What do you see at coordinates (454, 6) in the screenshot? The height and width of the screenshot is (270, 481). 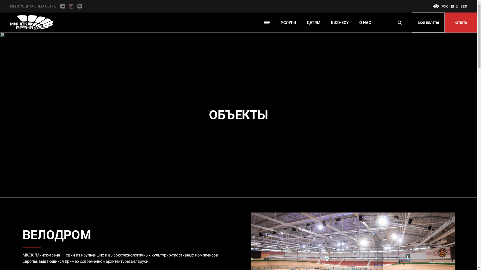 I see `'ENG'` at bounding box center [454, 6].